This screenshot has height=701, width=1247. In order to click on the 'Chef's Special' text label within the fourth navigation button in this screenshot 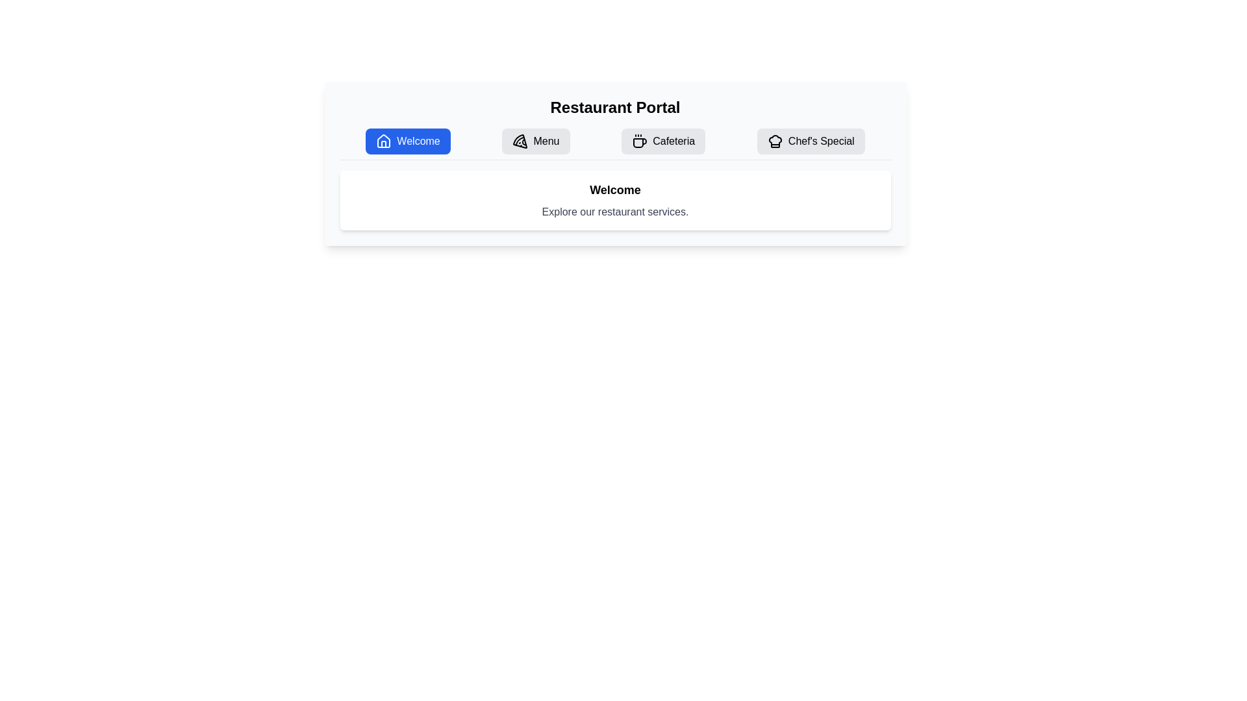, I will do `click(820, 141)`.